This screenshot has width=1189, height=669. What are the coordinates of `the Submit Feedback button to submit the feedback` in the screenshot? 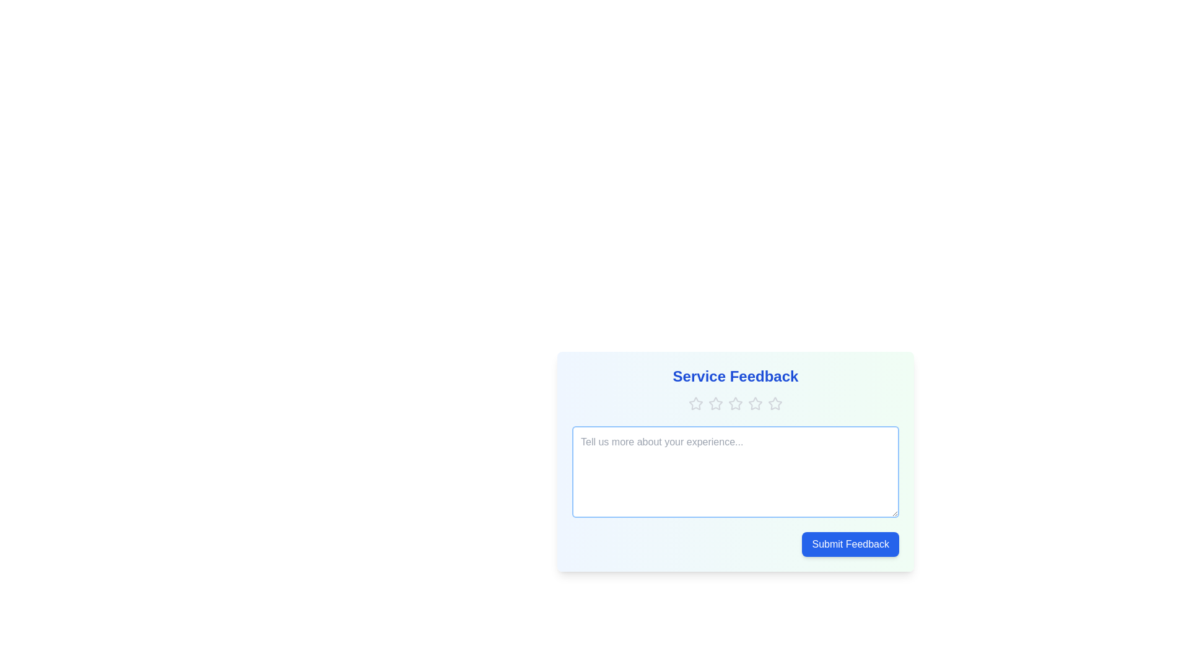 It's located at (850, 544).